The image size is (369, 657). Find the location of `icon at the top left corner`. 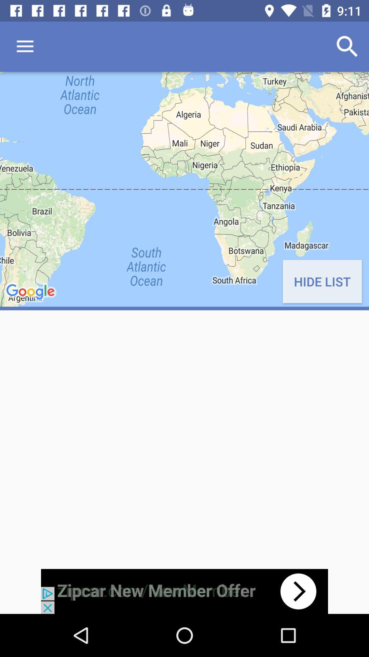

icon at the top left corner is located at coordinates (25, 46).